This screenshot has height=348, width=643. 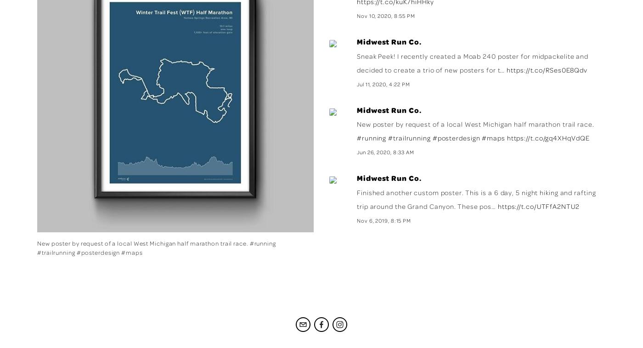 What do you see at coordinates (475, 124) in the screenshot?
I see `'New poster by request of a local West Michigan half marathon trail race.'` at bounding box center [475, 124].